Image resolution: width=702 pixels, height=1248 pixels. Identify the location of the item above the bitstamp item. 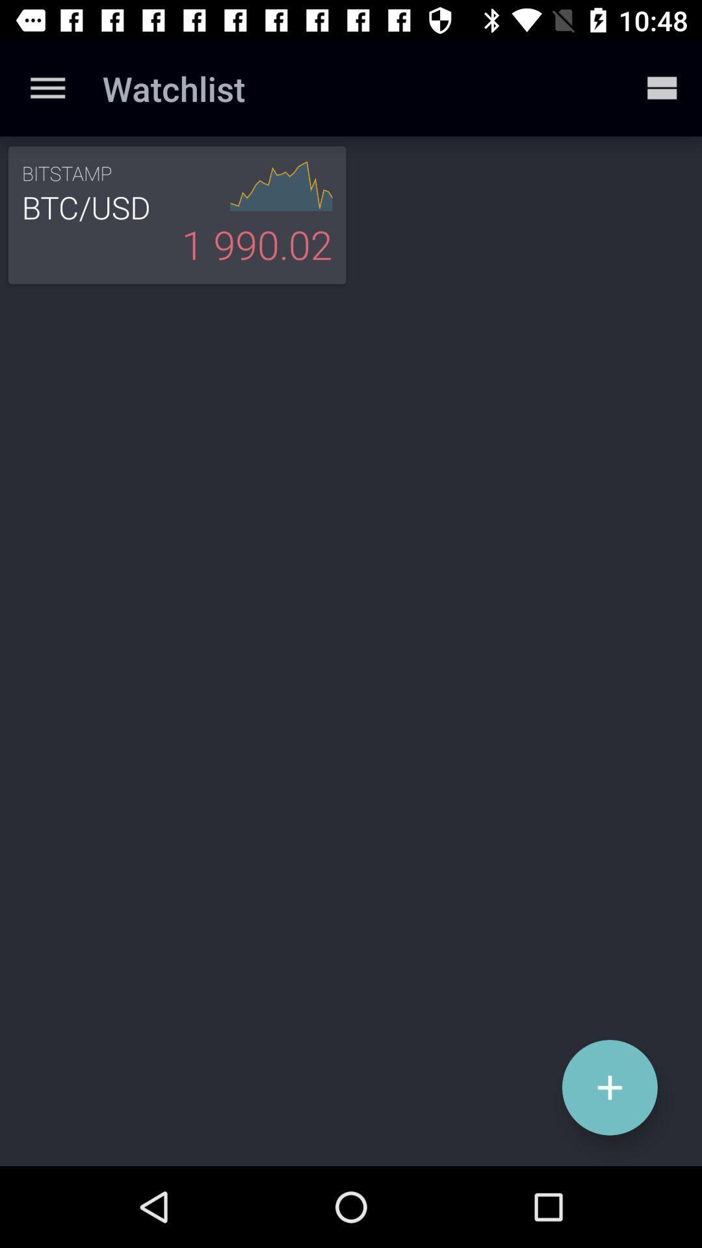
(47, 88).